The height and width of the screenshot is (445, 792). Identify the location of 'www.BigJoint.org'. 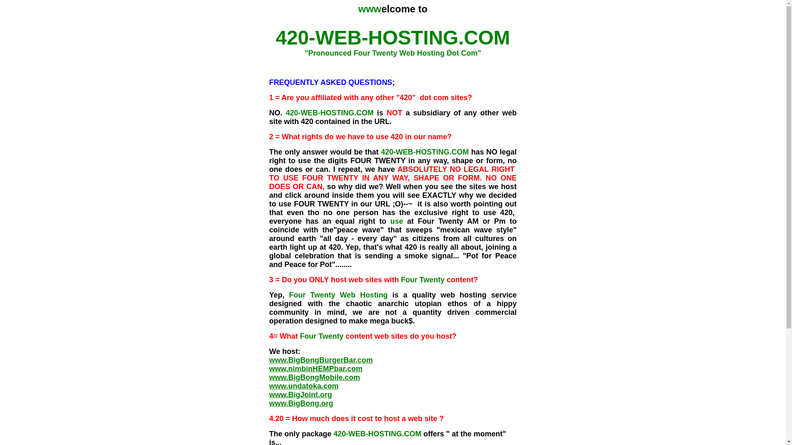
(300, 394).